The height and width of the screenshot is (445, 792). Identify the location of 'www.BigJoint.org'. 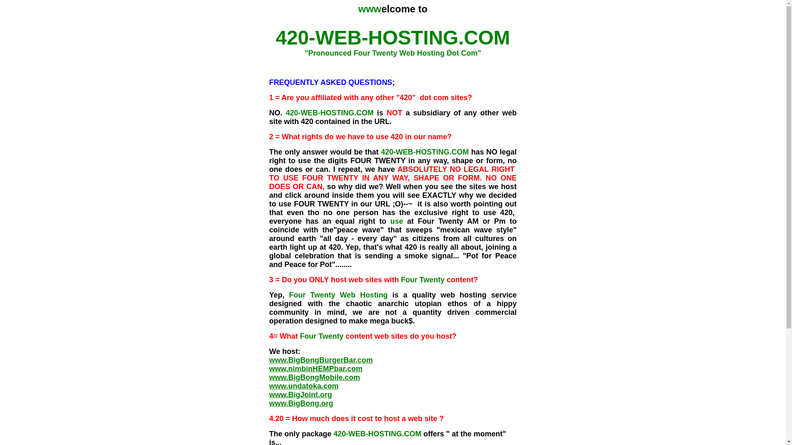
(300, 394).